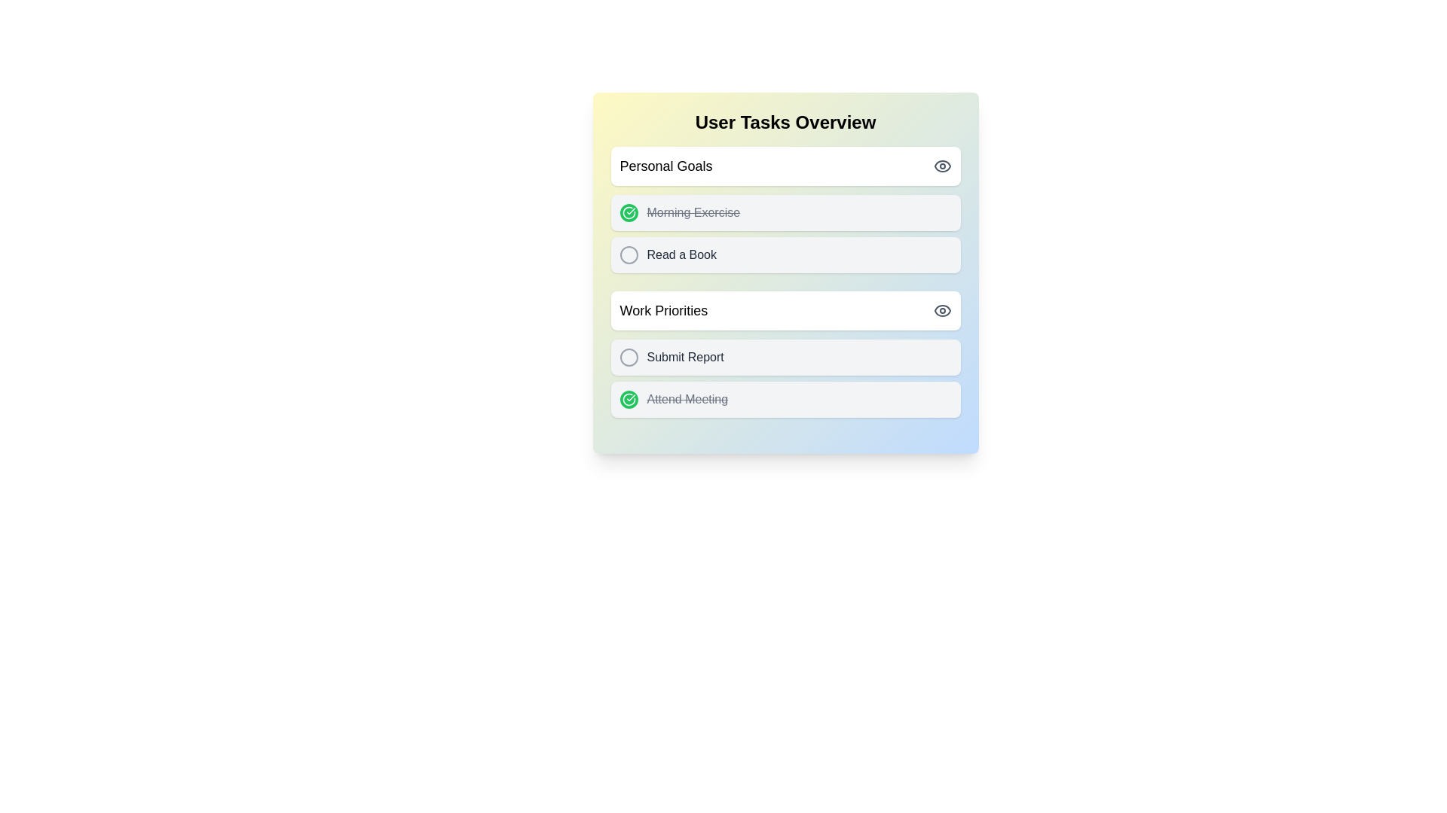 Image resolution: width=1447 pixels, height=813 pixels. Describe the element at coordinates (629, 254) in the screenshot. I see `the small circular toggle button located on the left side of the 'Read a Book' row in the 'Personal Goals' section` at that location.